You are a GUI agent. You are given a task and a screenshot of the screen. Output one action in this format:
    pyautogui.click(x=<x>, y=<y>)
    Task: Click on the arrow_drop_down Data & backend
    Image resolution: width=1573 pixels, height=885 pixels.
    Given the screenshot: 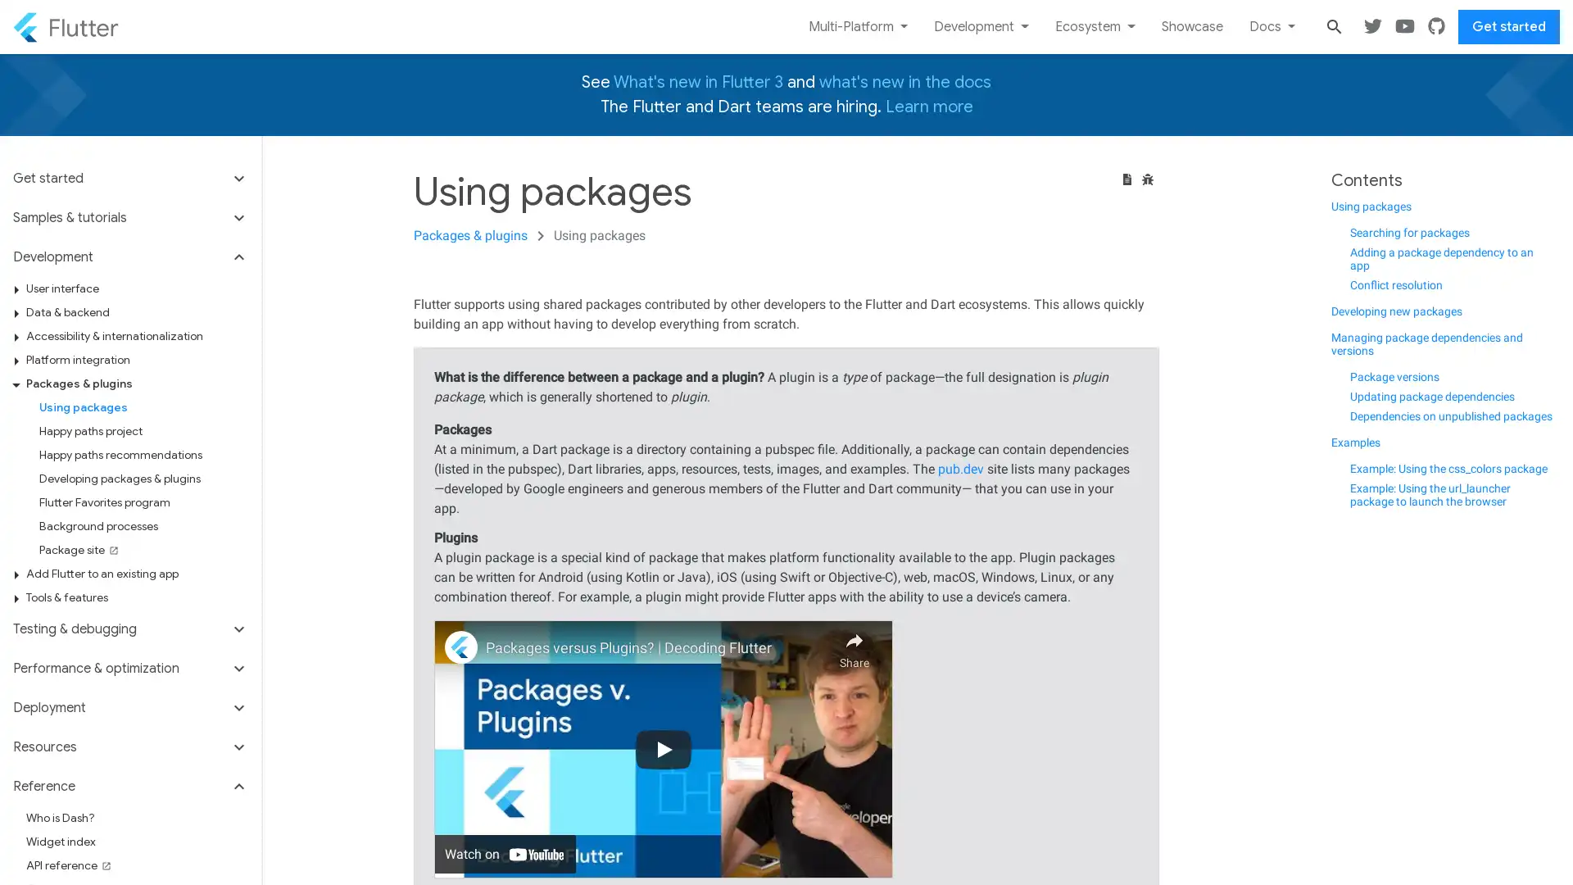 What is the action you would take?
    pyautogui.click(x=137, y=312)
    